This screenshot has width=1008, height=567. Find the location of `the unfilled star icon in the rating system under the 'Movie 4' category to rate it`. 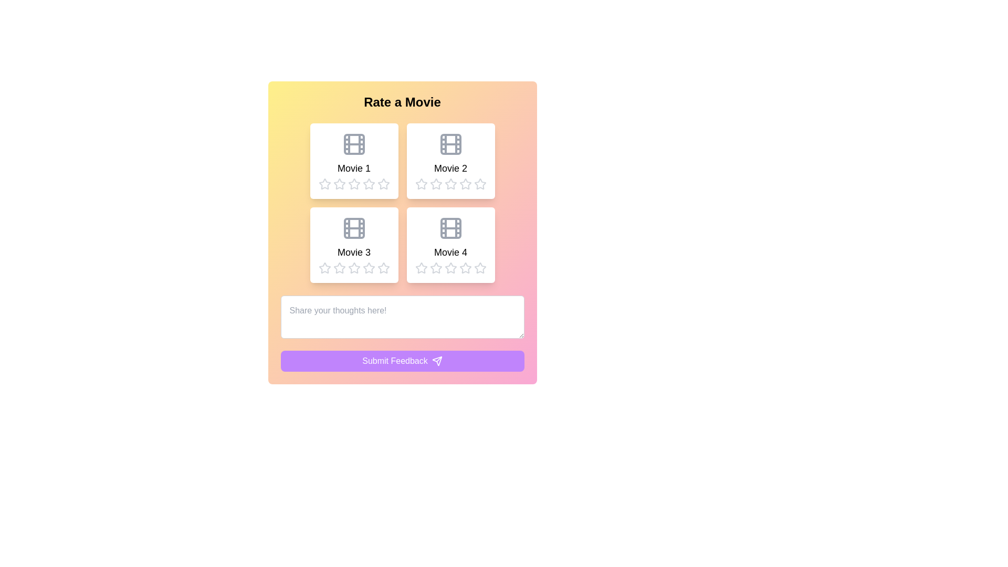

the unfilled star icon in the rating system under the 'Movie 4' category to rate it is located at coordinates (479, 267).